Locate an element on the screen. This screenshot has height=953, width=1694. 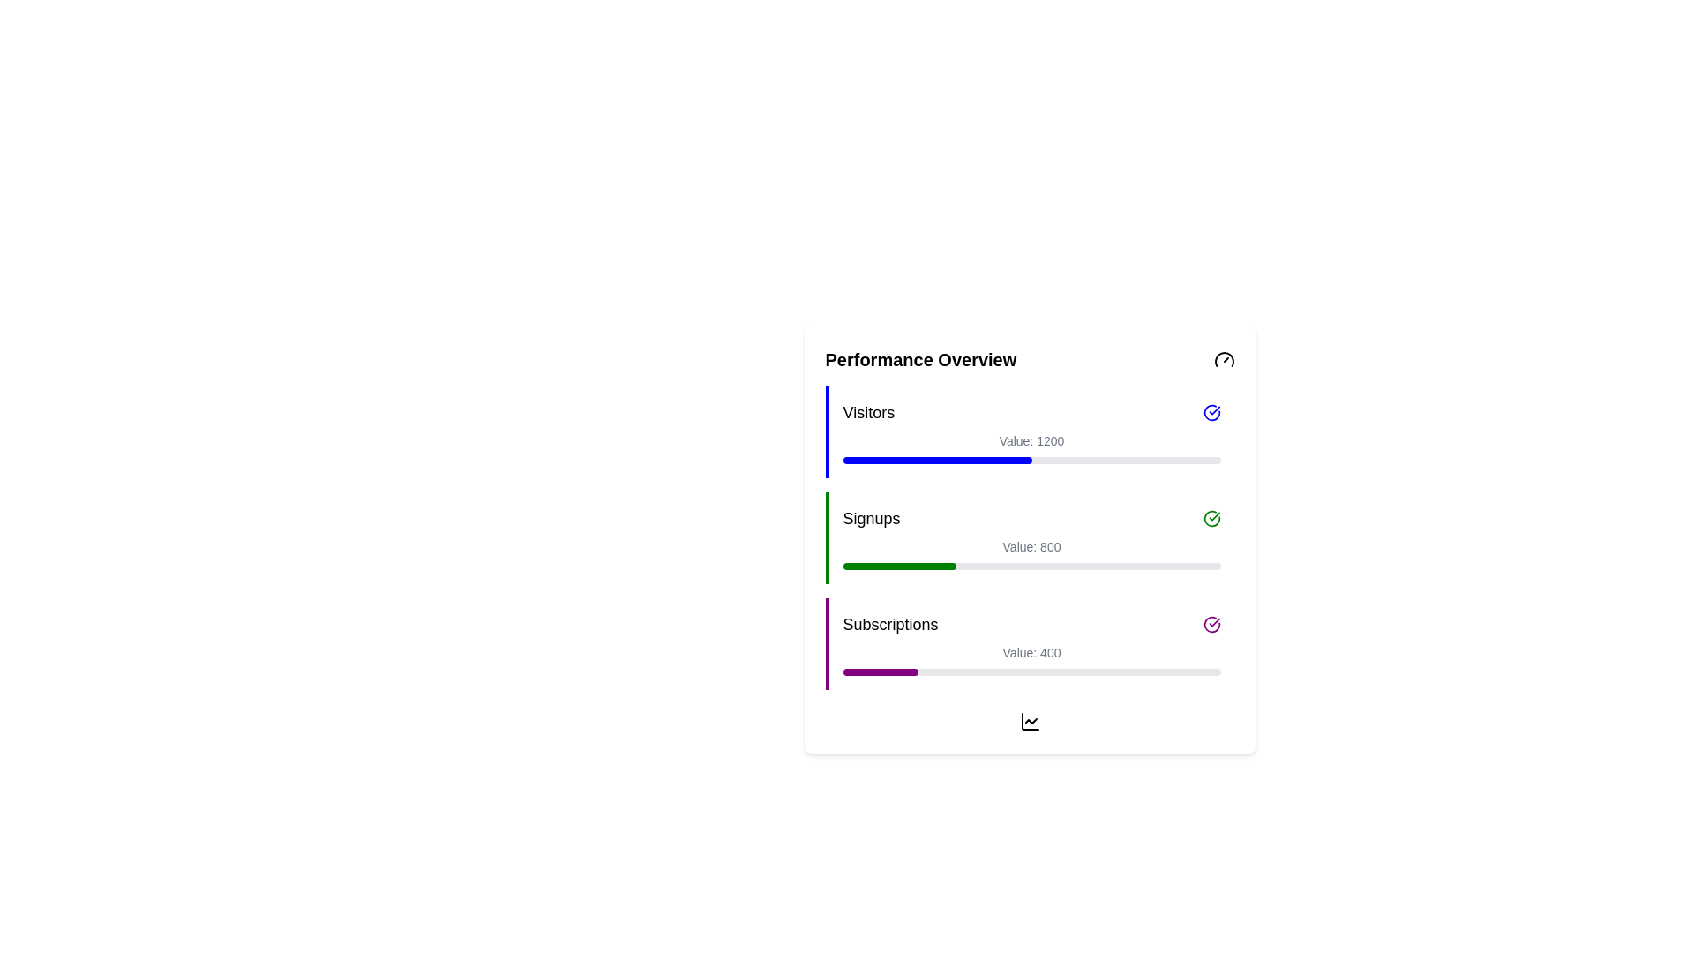
the text label that provides additional context about the 'Visitors' metric, which indicates a value of 1200, located in the 'Visitors' section of the performance overview card is located at coordinates (1031, 440).